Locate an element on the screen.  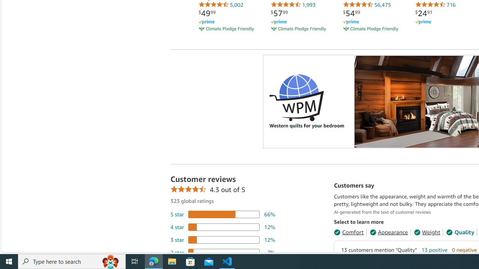
'56,475' is located at coordinates (367, 4).